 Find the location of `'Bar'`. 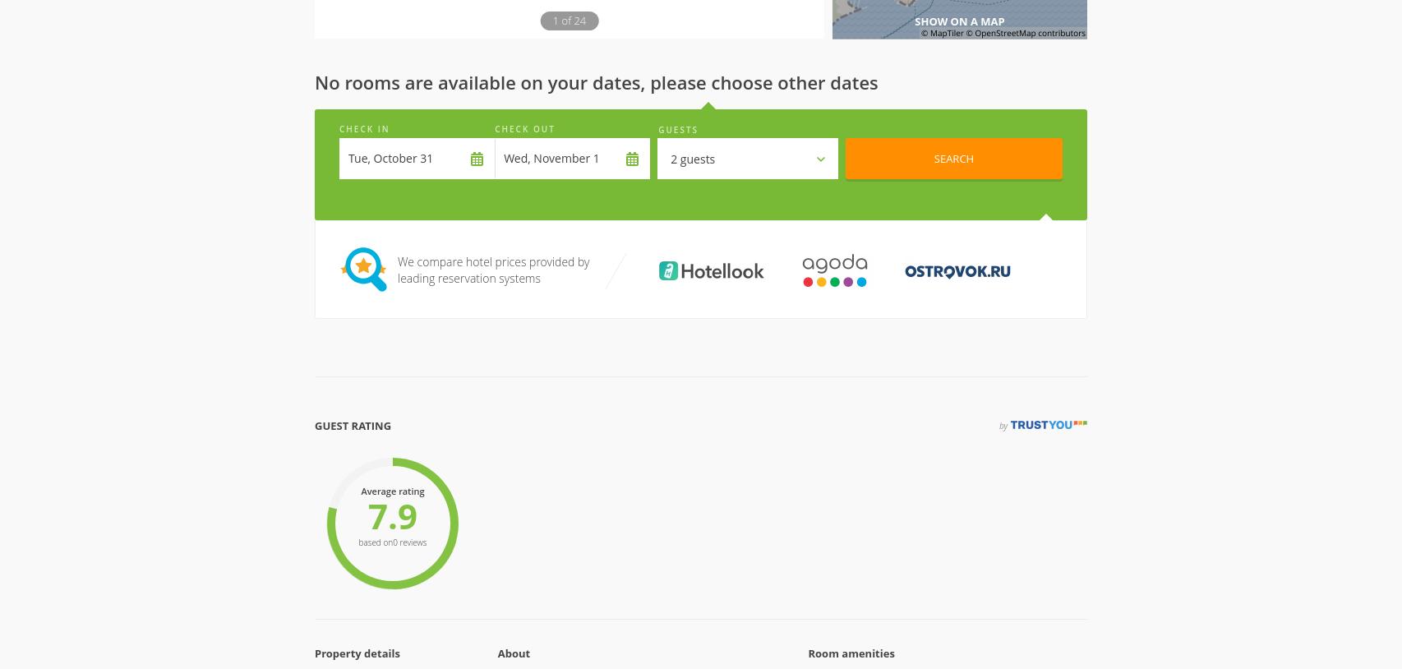

'Bar' is located at coordinates (529, 451).